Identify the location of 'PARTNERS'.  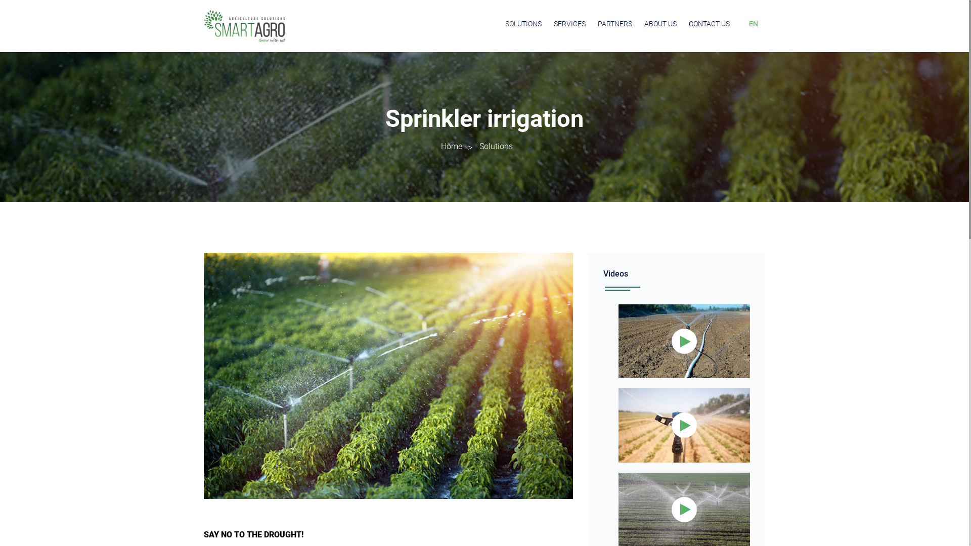
(614, 23).